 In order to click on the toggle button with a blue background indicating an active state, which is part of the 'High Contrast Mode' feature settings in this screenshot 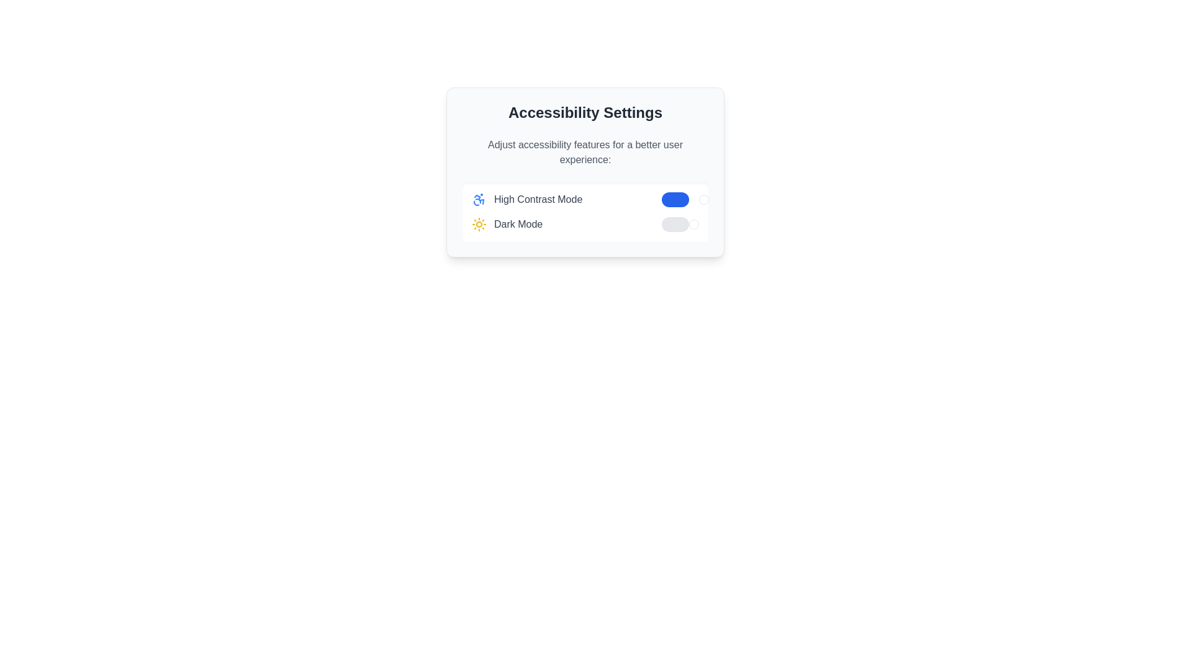, I will do `click(675, 199)`.